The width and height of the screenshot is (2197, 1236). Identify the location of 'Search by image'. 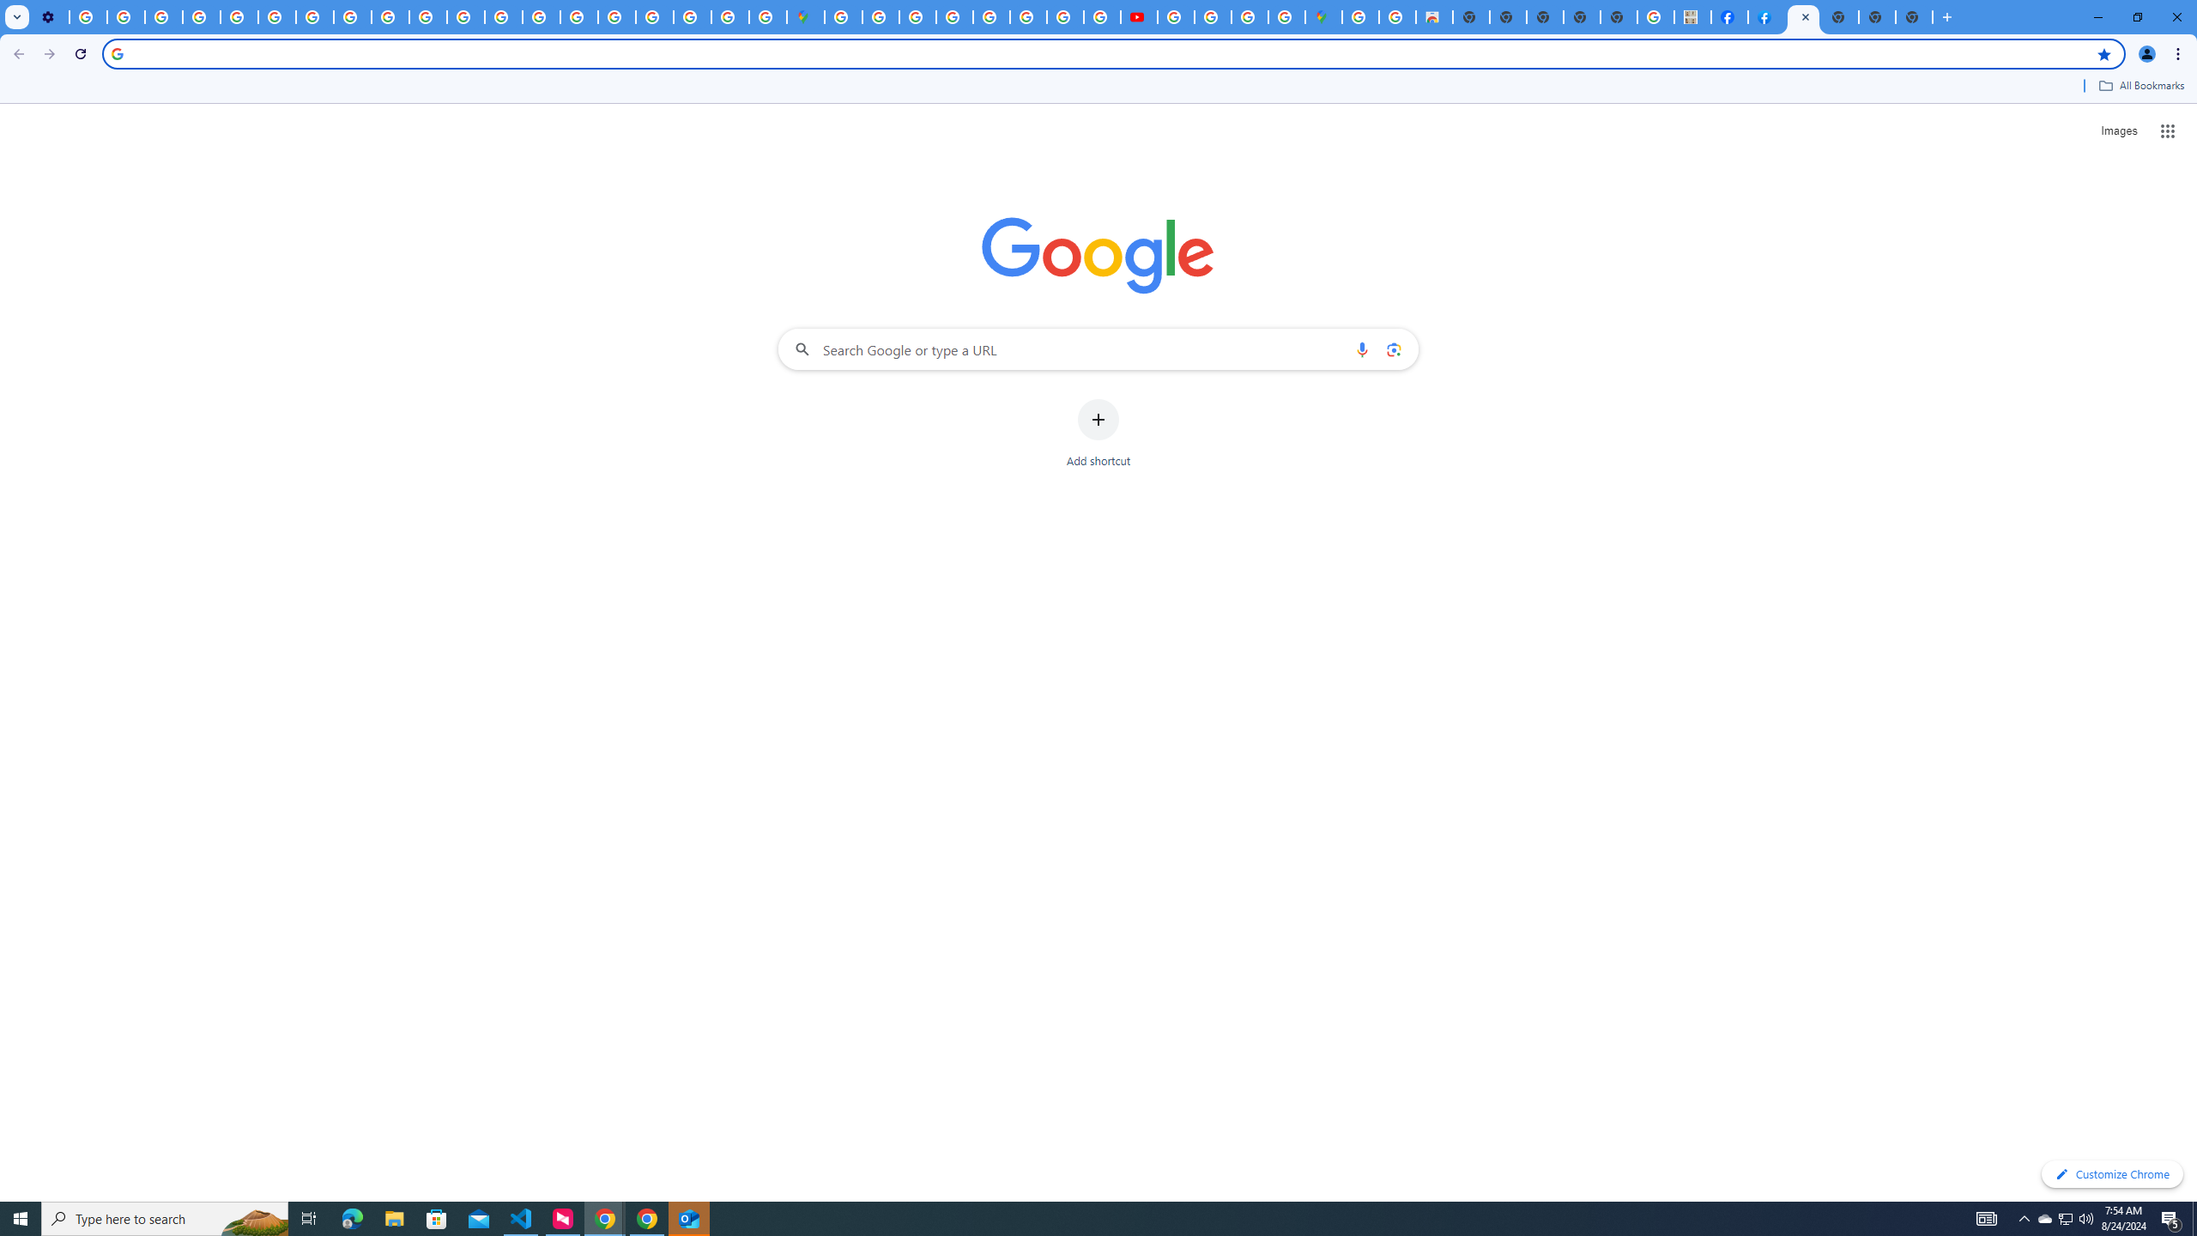
(1392, 348).